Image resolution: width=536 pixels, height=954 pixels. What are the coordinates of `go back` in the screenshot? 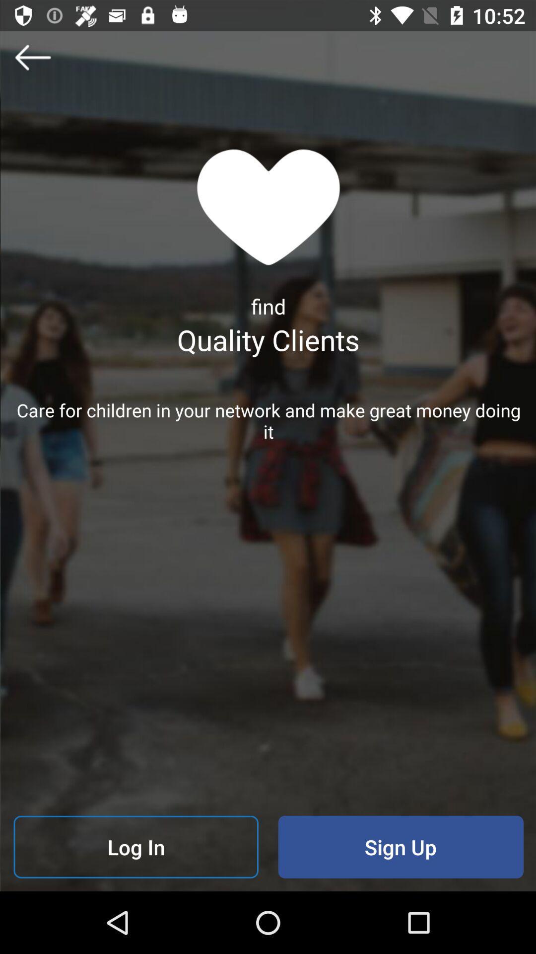 It's located at (32, 57).